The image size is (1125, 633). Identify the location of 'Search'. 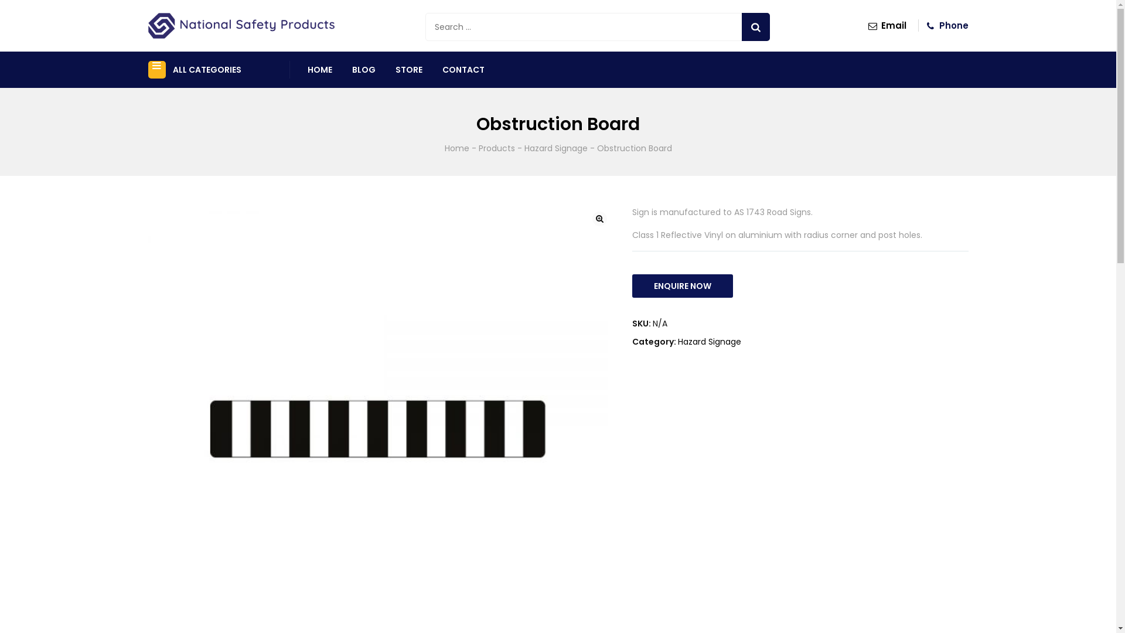
(756, 26).